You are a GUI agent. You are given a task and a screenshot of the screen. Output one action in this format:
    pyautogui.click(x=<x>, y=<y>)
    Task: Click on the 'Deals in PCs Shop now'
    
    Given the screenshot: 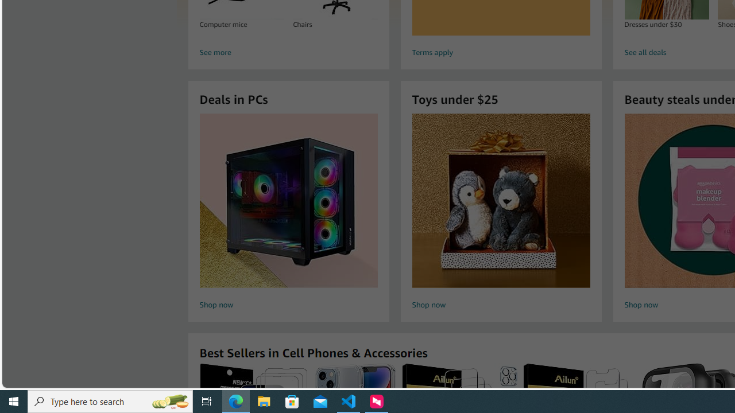 What is the action you would take?
    pyautogui.click(x=288, y=213)
    